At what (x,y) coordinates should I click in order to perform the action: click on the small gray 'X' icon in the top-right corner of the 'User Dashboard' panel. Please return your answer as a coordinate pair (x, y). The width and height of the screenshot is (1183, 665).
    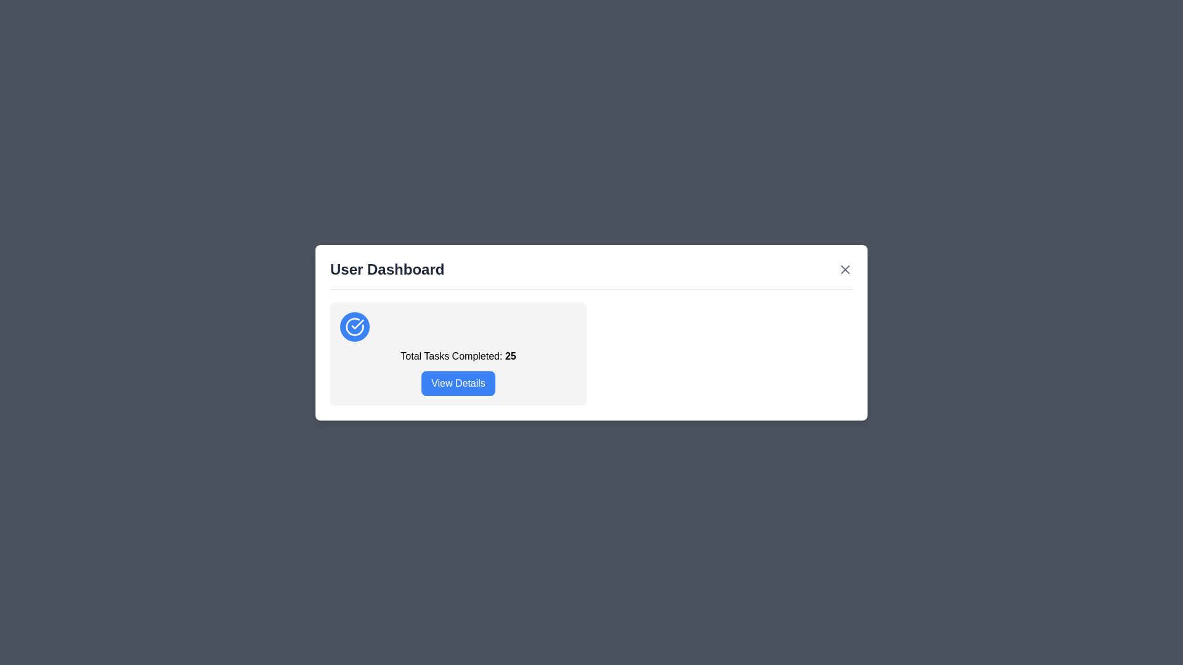
    Looking at the image, I should click on (845, 268).